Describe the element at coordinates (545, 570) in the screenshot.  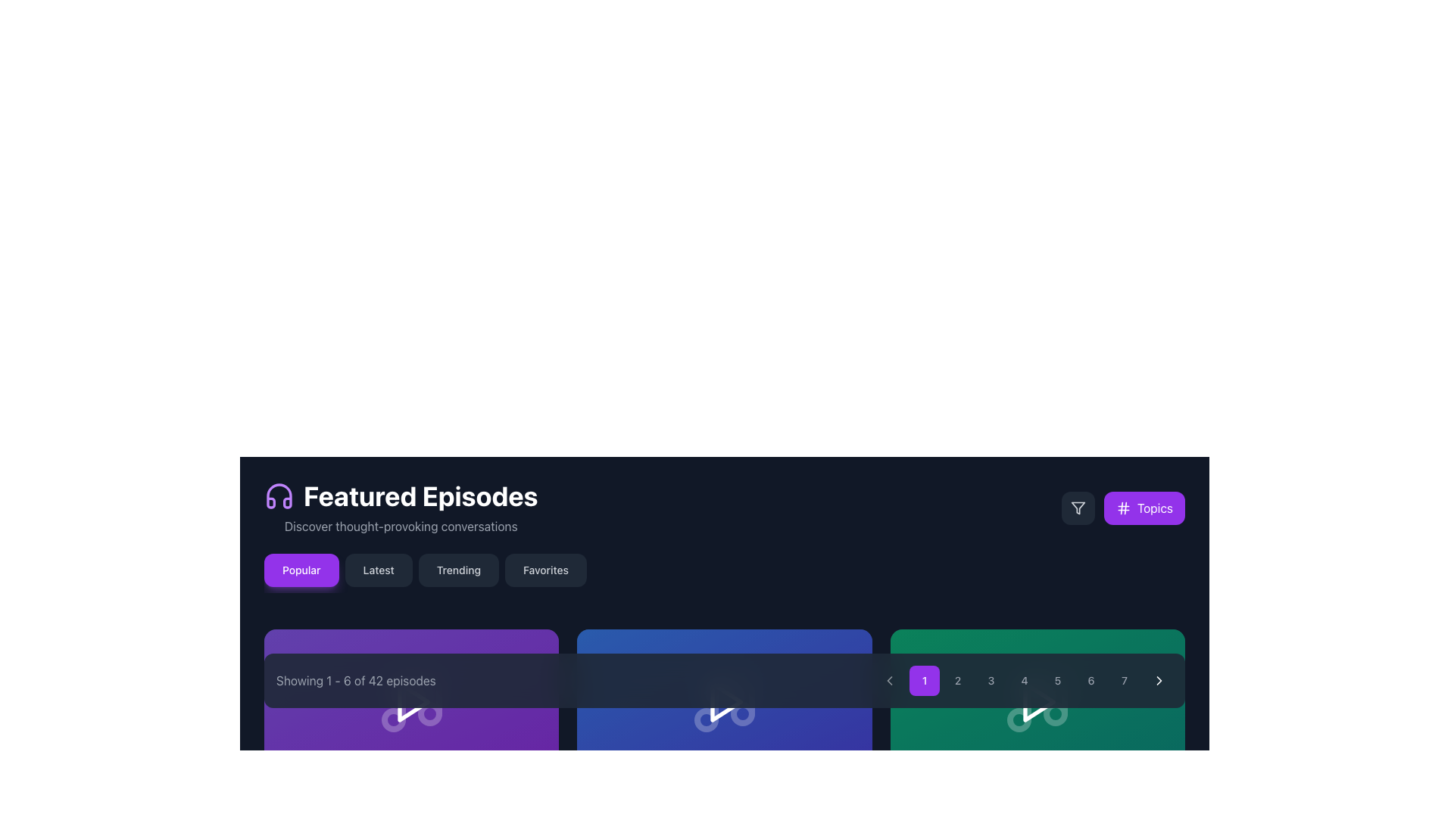
I see `the 'Favorites' button, which is the fourth button in a row of four buttons below the 'Featured Episodes' header, to observe hover styling effects` at that location.